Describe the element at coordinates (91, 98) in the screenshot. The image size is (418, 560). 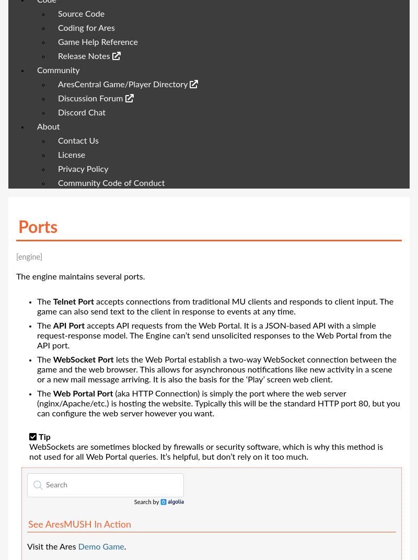
I see `'Discussion Forum'` at that location.